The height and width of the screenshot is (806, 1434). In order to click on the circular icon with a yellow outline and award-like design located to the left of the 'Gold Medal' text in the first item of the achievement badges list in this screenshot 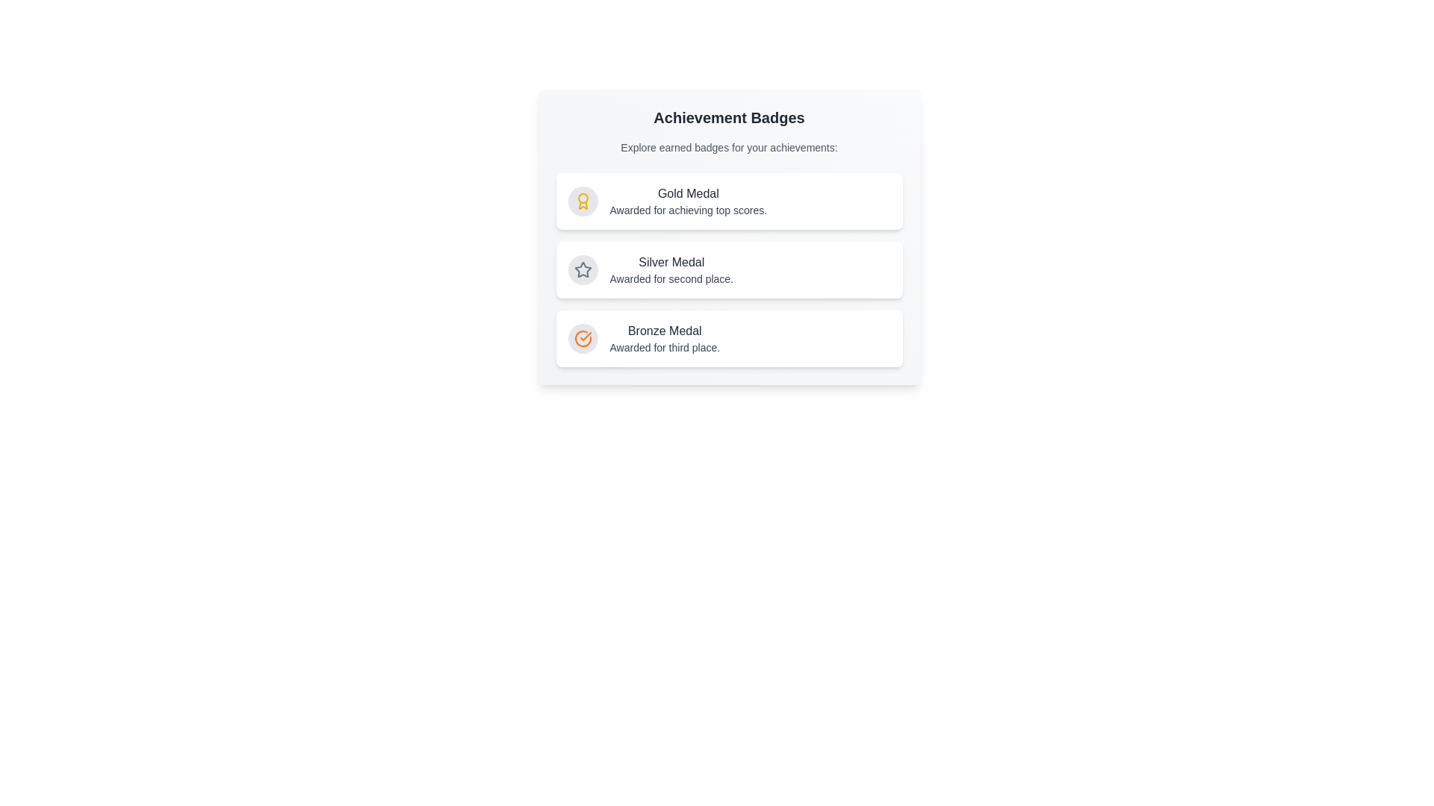, I will do `click(582, 201)`.